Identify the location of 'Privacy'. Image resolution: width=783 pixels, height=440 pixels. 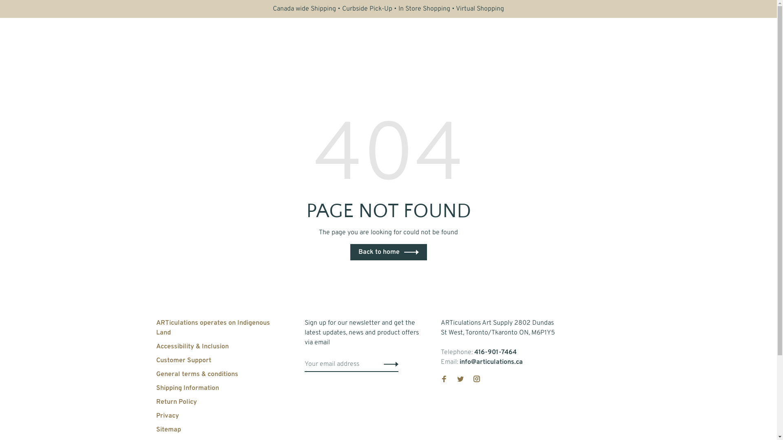
(166, 416).